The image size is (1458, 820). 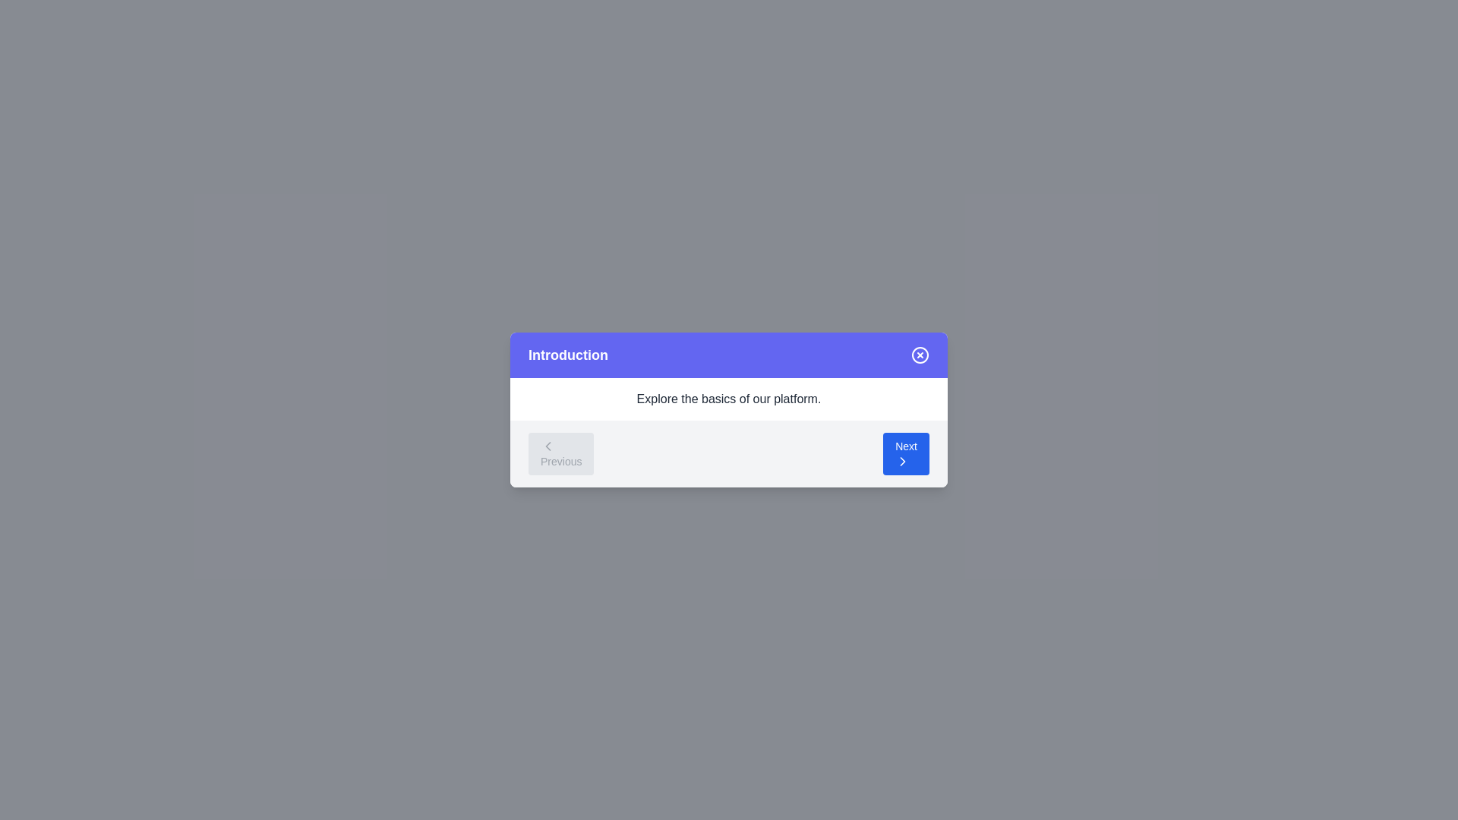 What do you see at coordinates (903, 461) in the screenshot?
I see `the chevron icon indicating forward action located inside the blue 'Next' button at the bottom-right corner of the dialog box` at bounding box center [903, 461].